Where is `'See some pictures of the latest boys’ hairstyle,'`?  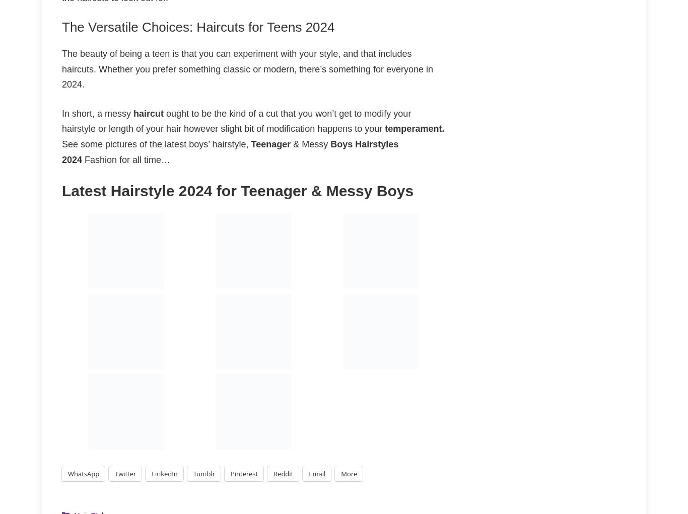 'See some pictures of the latest boys’ hairstyle,' is located at coordinates (156, 144).